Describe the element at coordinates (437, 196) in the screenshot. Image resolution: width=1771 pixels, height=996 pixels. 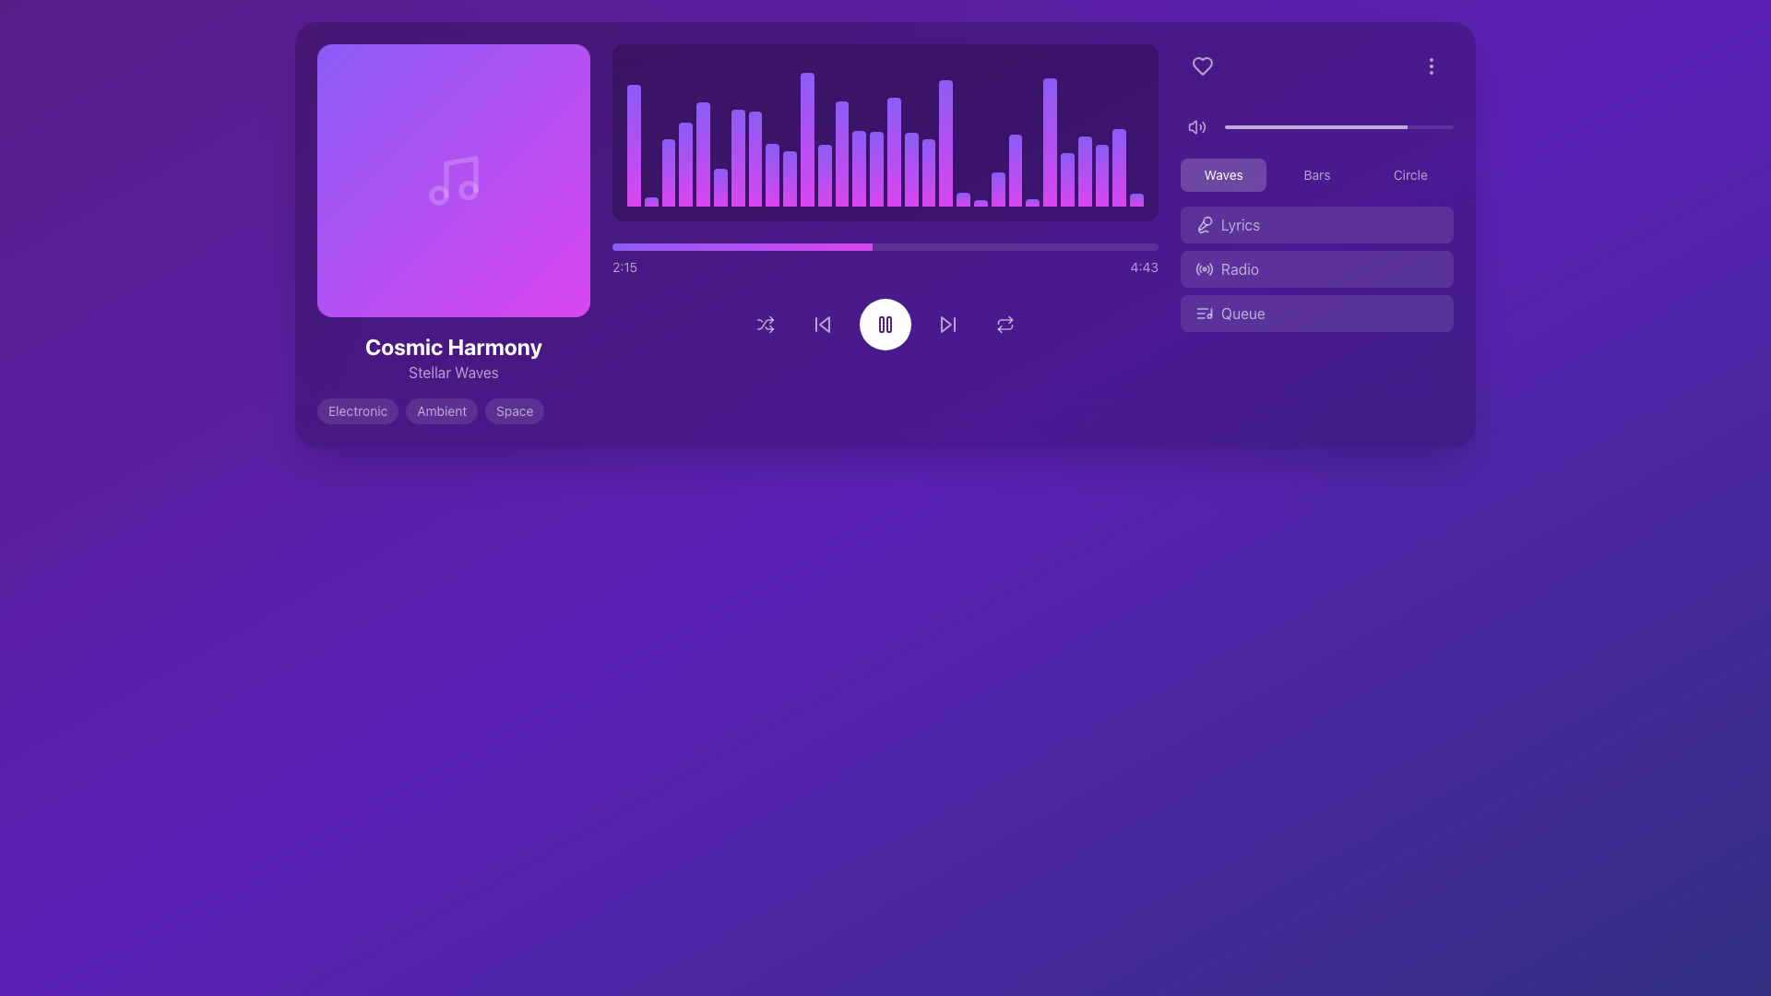
I see `the small circular Decorative SVG graphical component located in the lower-left quarter of the music note icon to modify the SVG graphic` at that location.